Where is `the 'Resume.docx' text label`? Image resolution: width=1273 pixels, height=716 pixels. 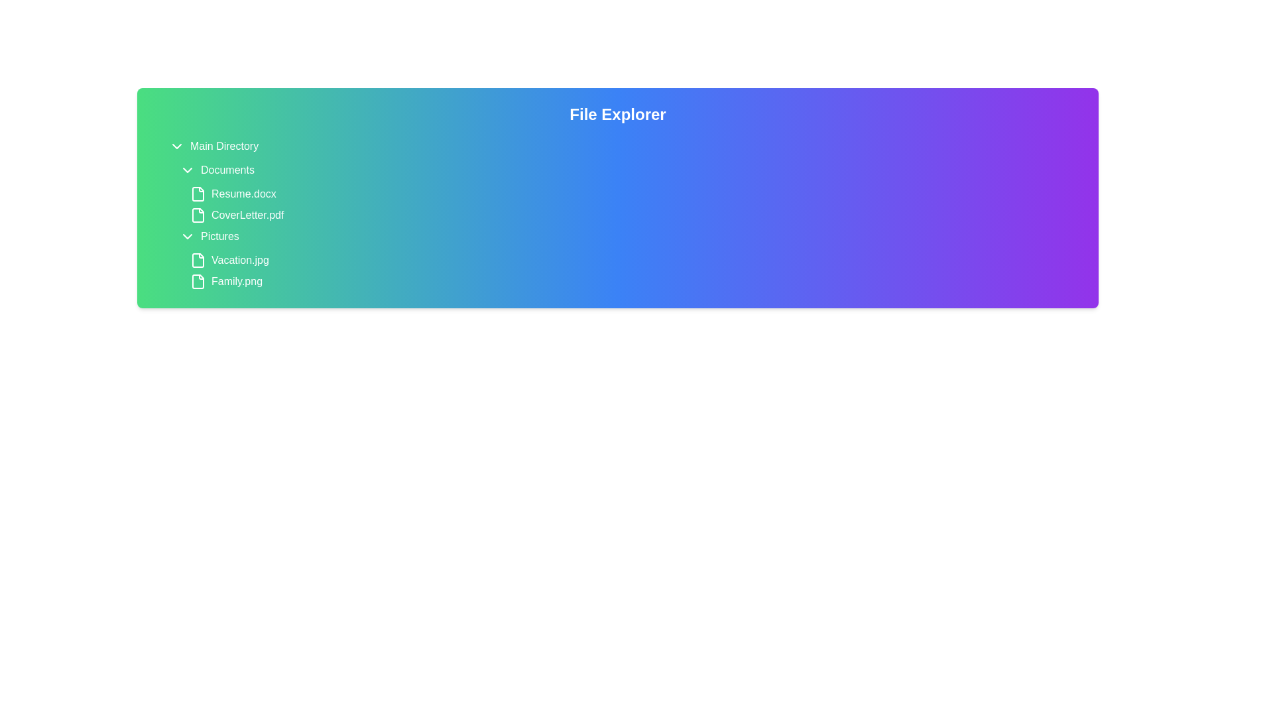
the 'Resume.docx' text label is located at coordinates (243, 194).